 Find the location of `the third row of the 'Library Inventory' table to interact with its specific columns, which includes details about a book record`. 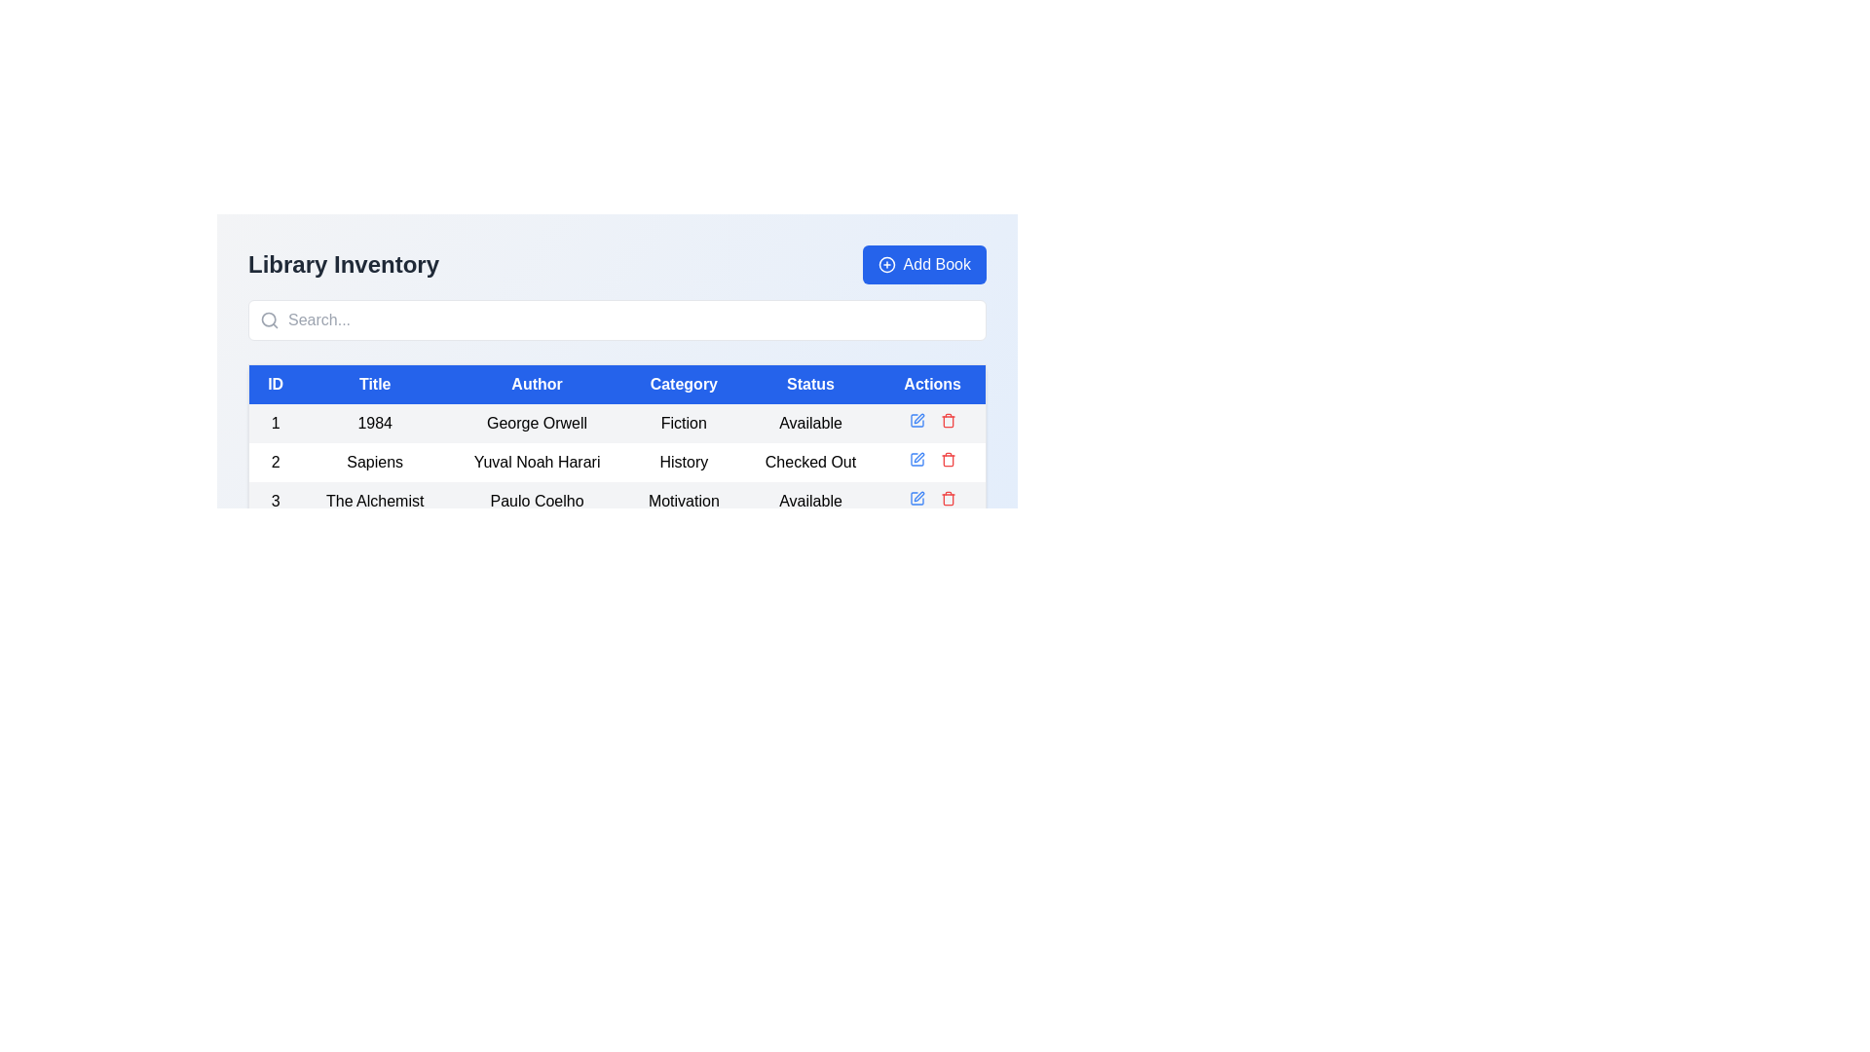

the third row of the 'Library Inventory' table to interact with its specific columns, which includes details about a book record is located at coordinates (616, 501).